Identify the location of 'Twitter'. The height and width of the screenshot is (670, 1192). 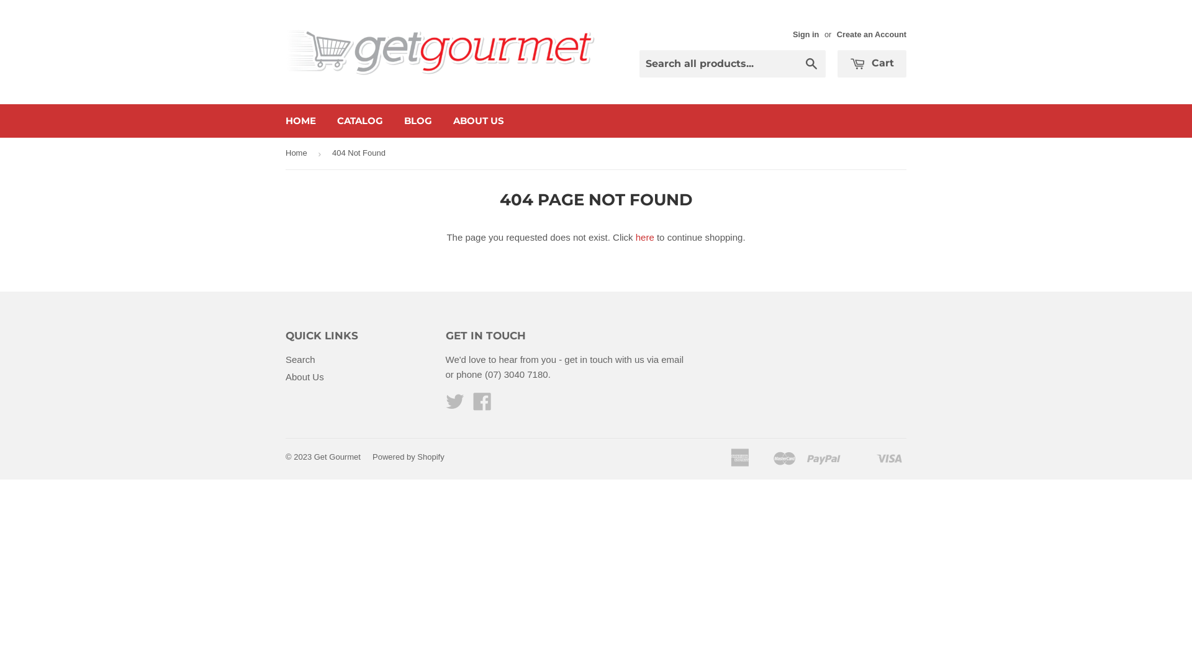
(454, 405).